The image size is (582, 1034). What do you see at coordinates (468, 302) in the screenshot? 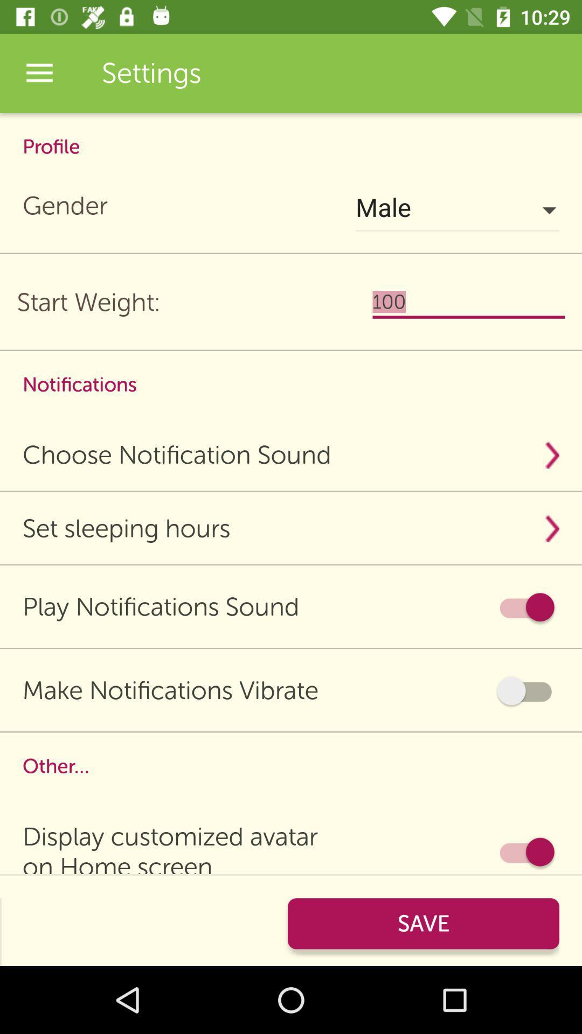
I see `to the right side of start weight below male` at bounding box center [468, 302].